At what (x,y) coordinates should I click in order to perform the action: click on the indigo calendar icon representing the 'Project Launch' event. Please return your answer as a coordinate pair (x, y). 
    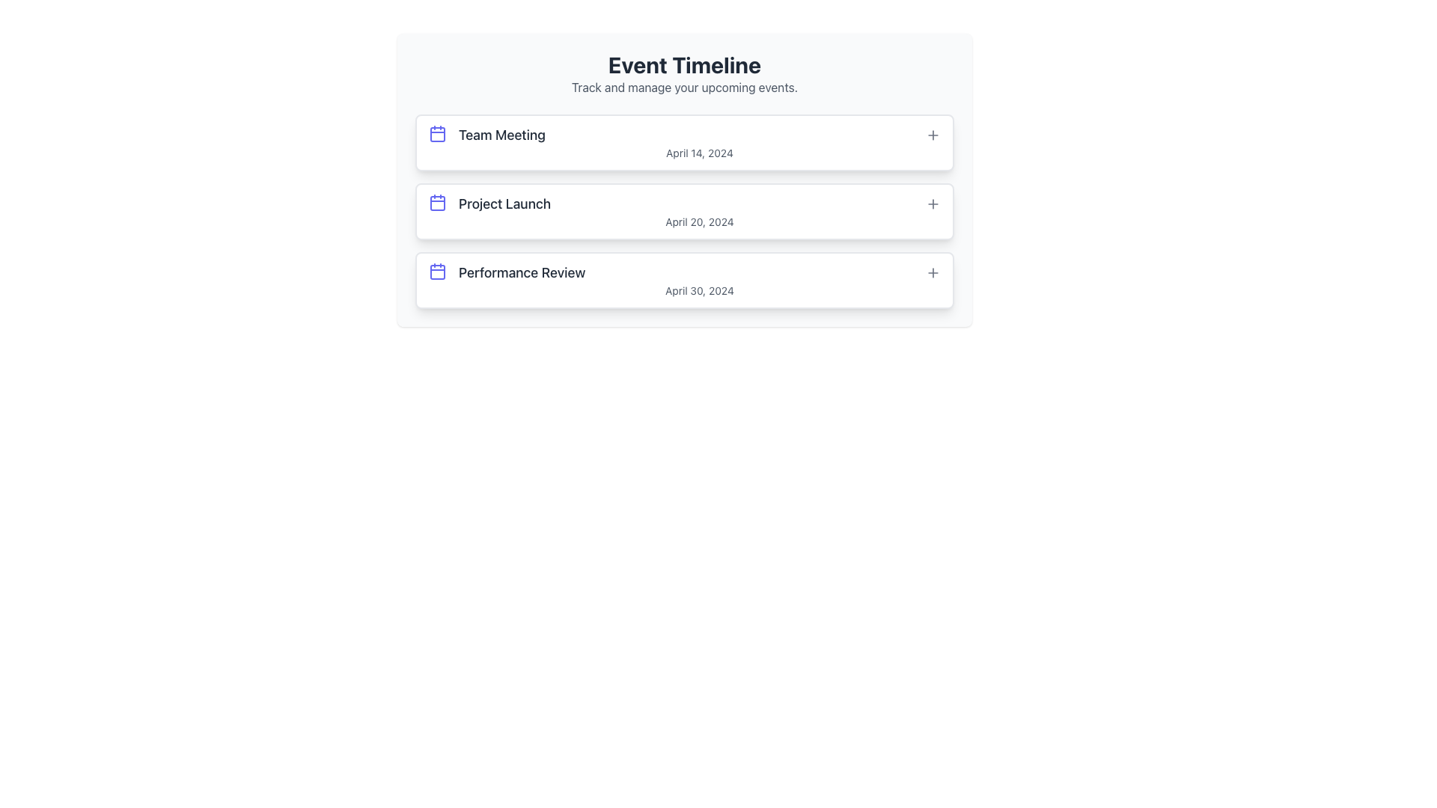
    Looking at the image, I should click on (437, 202).